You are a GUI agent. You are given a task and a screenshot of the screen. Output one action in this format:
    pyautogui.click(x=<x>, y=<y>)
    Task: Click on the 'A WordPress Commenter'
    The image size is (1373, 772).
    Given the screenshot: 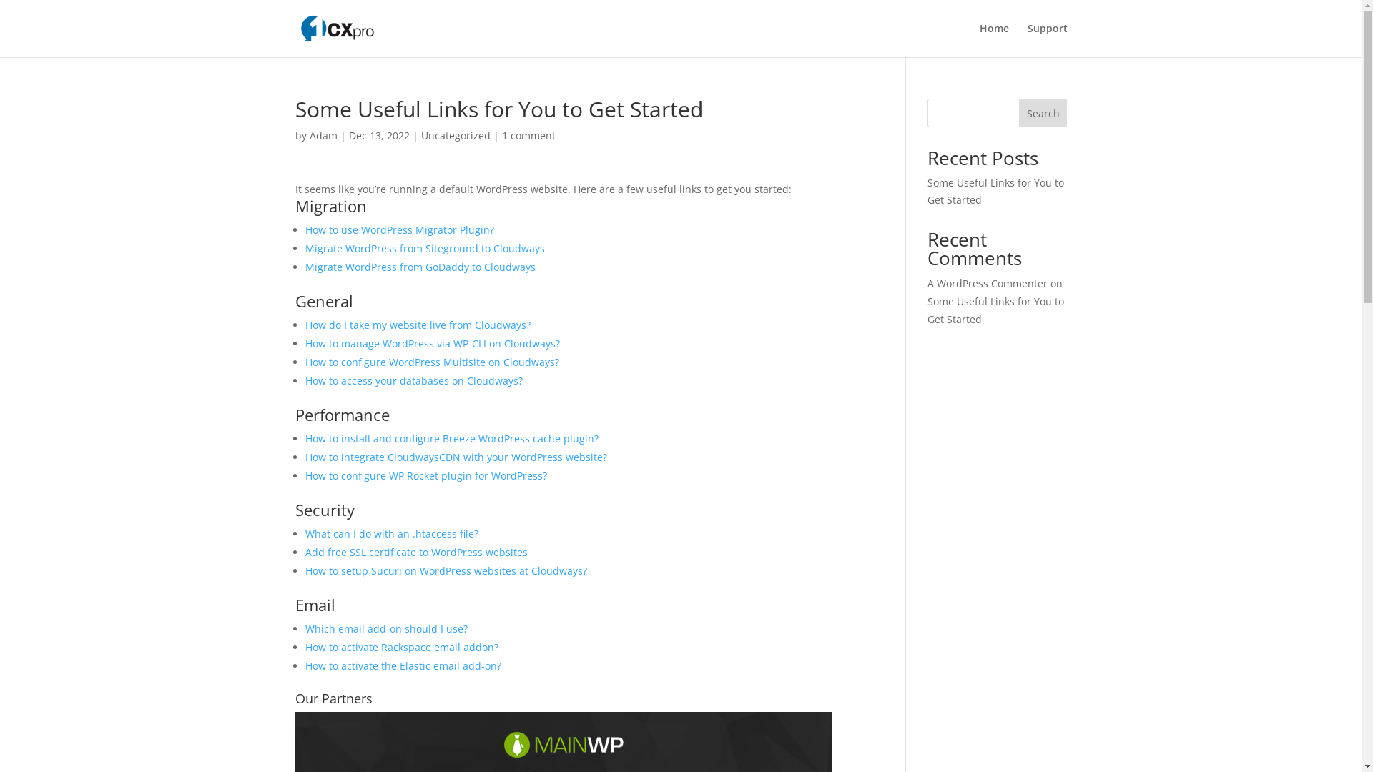 What is the action you would take?
    pyautogui.click(x=987, y=283)
    